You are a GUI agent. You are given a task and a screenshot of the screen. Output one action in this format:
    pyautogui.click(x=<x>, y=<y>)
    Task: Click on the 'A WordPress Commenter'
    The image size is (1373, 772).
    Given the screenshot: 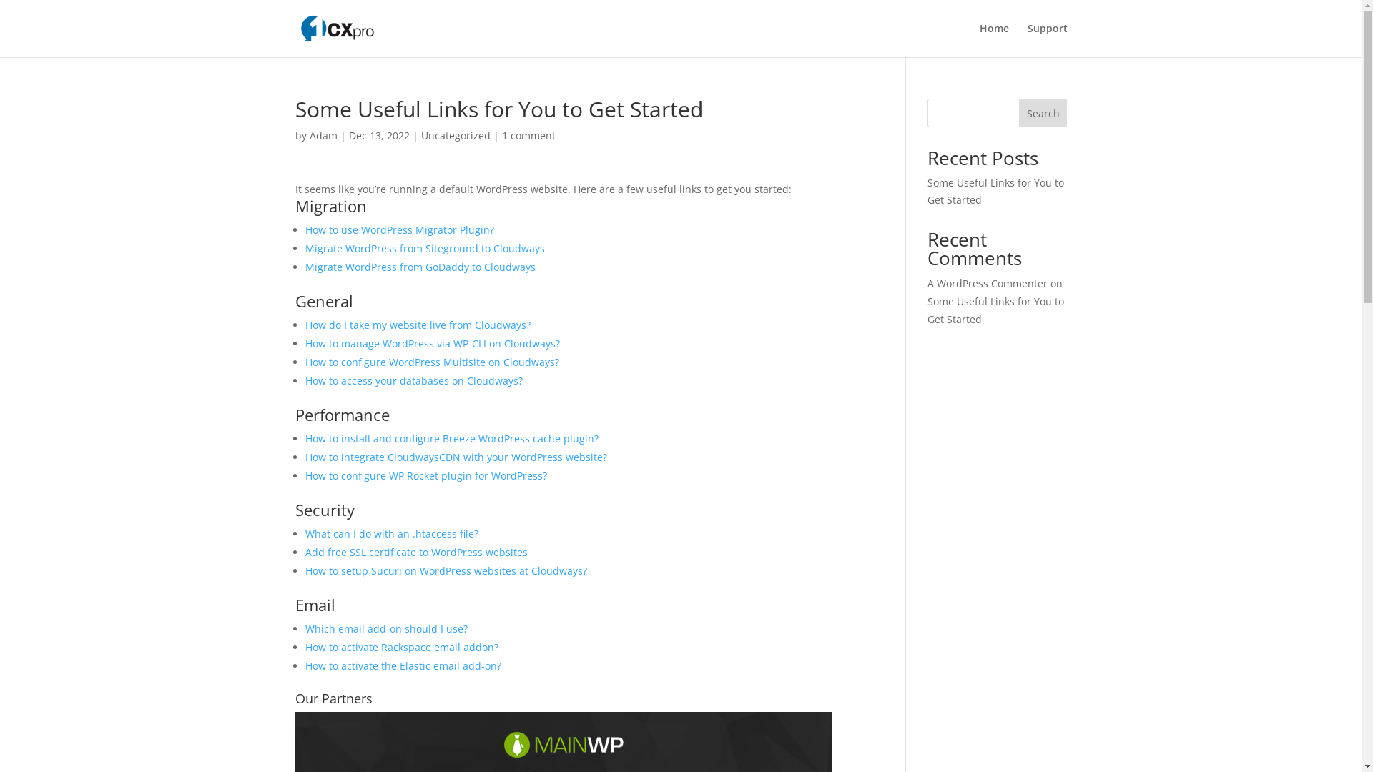 What is the action you would take?
    pyautogui.click(x=987, y=283)
    